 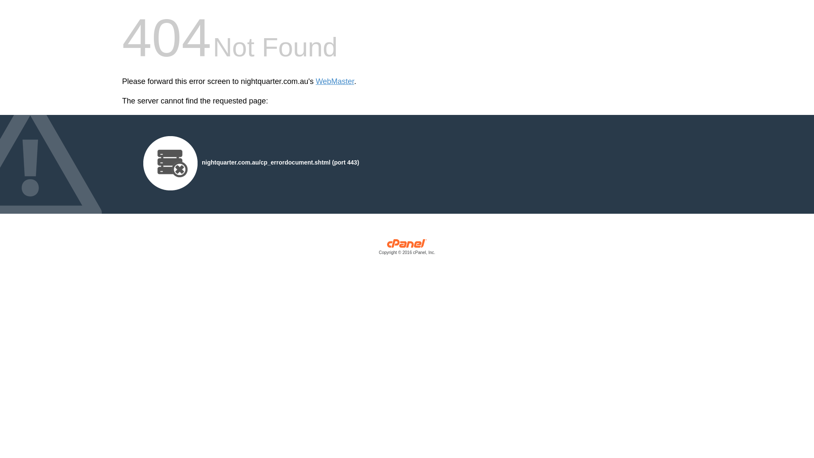 I want to click on 'WebMaster', so click(x=335, y=81).